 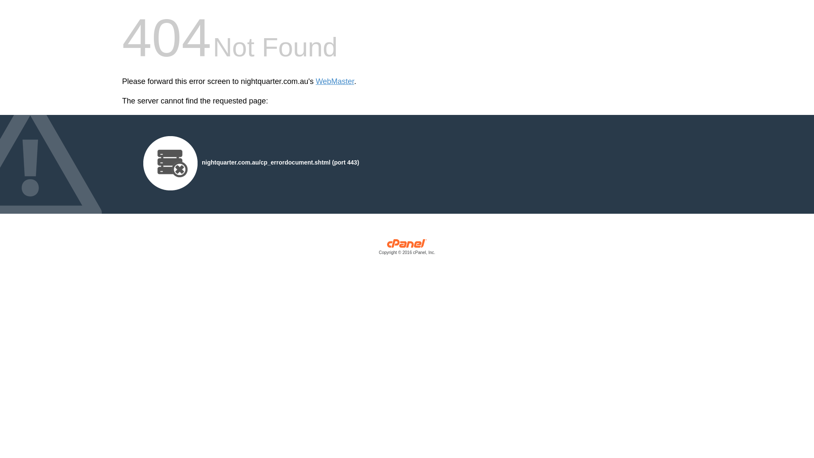 I want to click on 'WebMaster', so click(x=335, y=81).